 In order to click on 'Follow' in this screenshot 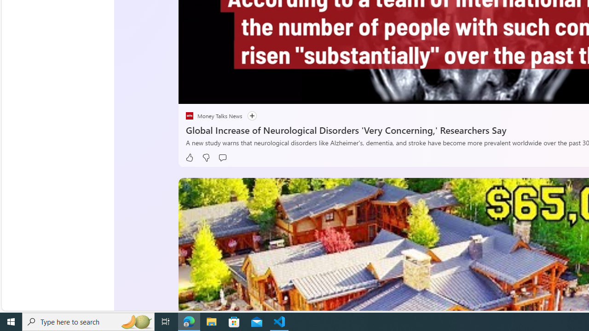, I will do `click(248, 115)`.